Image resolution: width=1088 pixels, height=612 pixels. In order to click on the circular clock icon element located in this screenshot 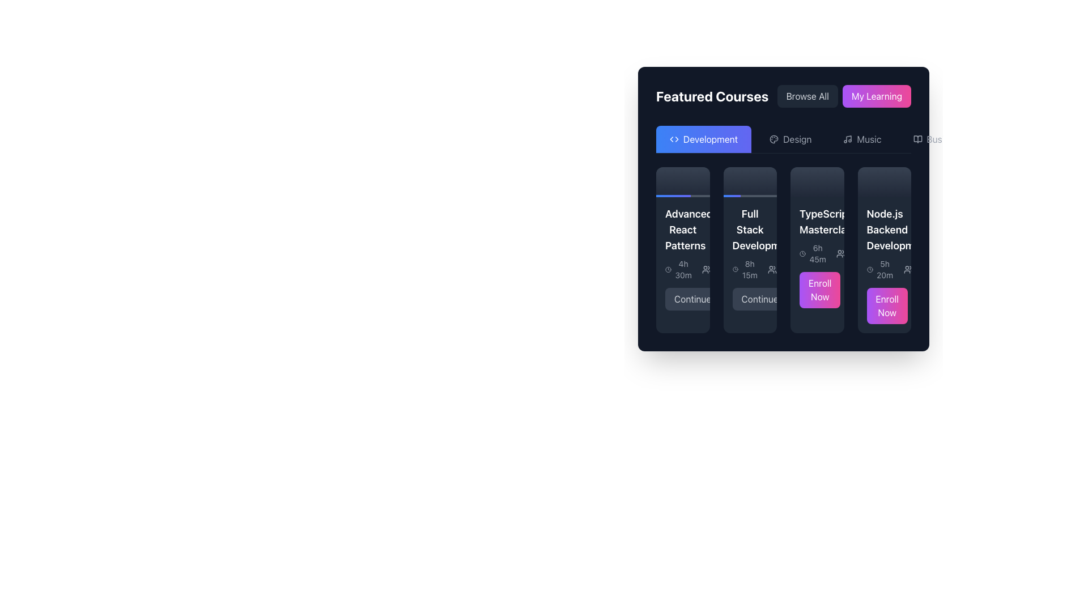, I will do `click(668, 270)`.